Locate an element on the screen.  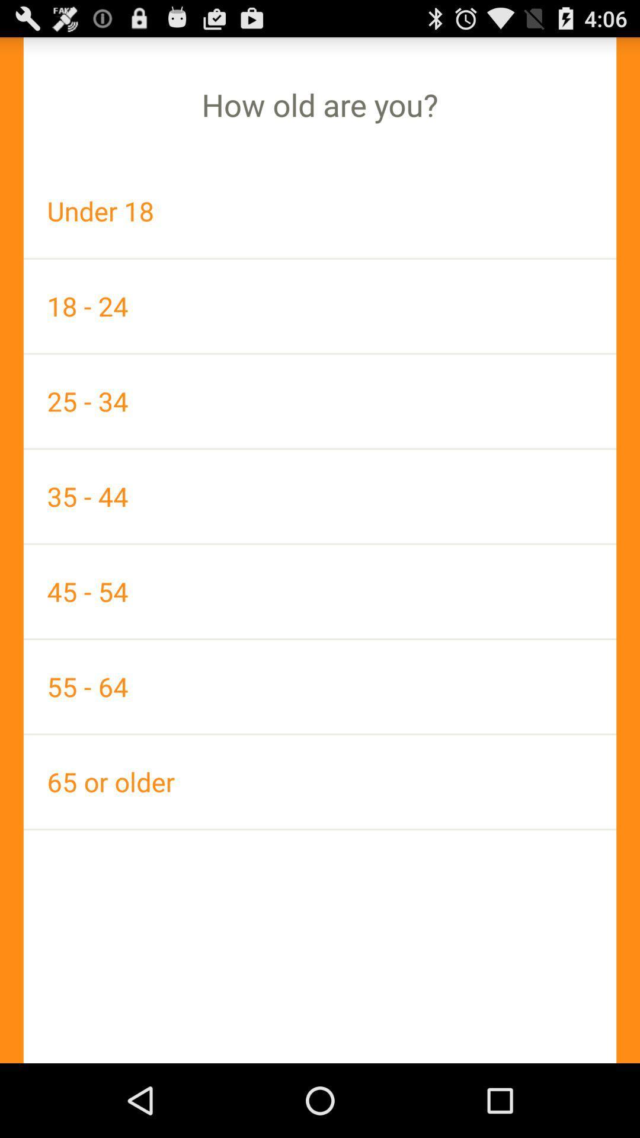
the icon above 35 - 44 item is located at coordinates (320, 401).